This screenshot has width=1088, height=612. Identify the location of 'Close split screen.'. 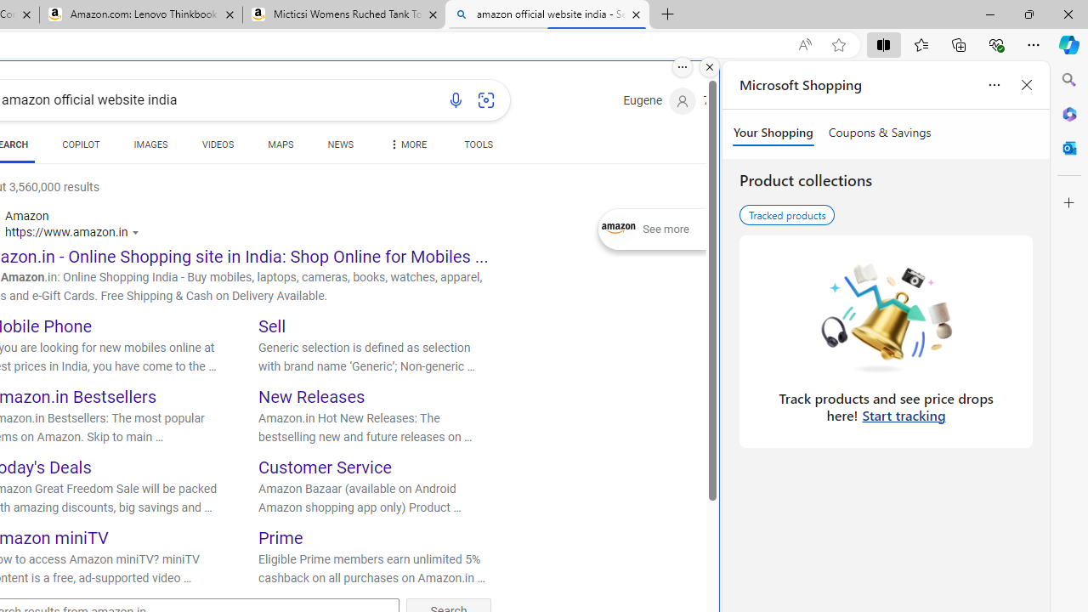
(710, 66).